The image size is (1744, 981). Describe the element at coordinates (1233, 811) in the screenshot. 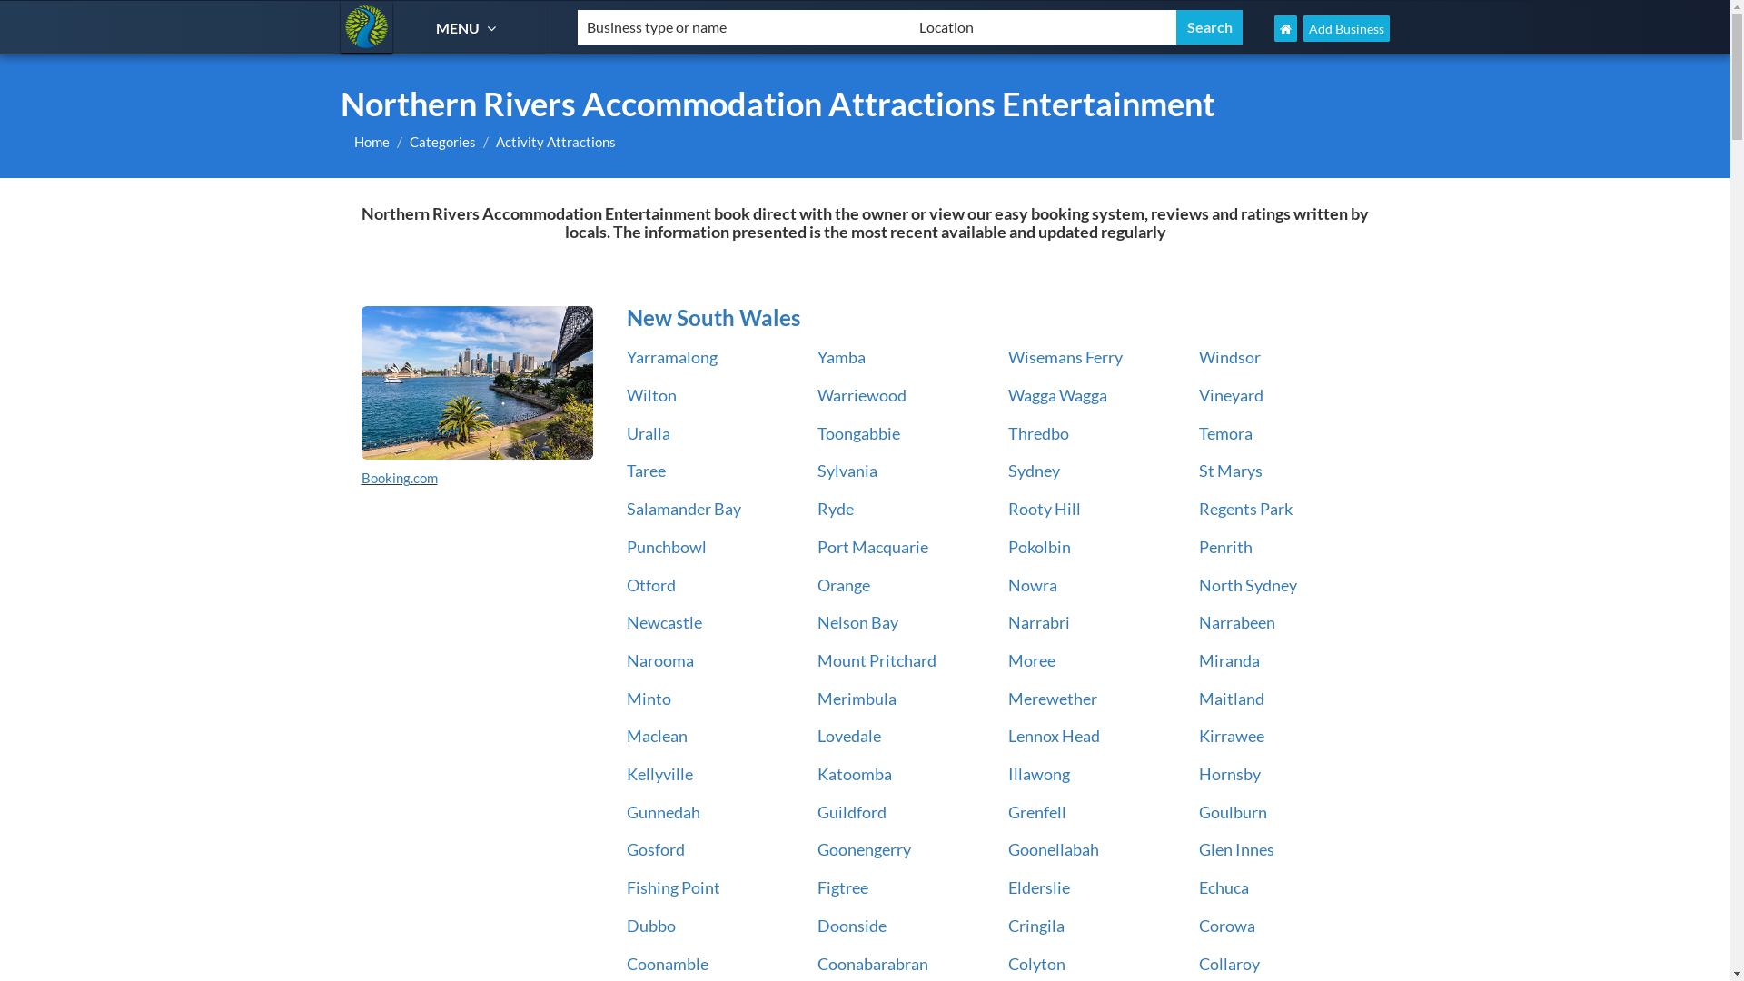

I see `'Goulburn'` at that location.